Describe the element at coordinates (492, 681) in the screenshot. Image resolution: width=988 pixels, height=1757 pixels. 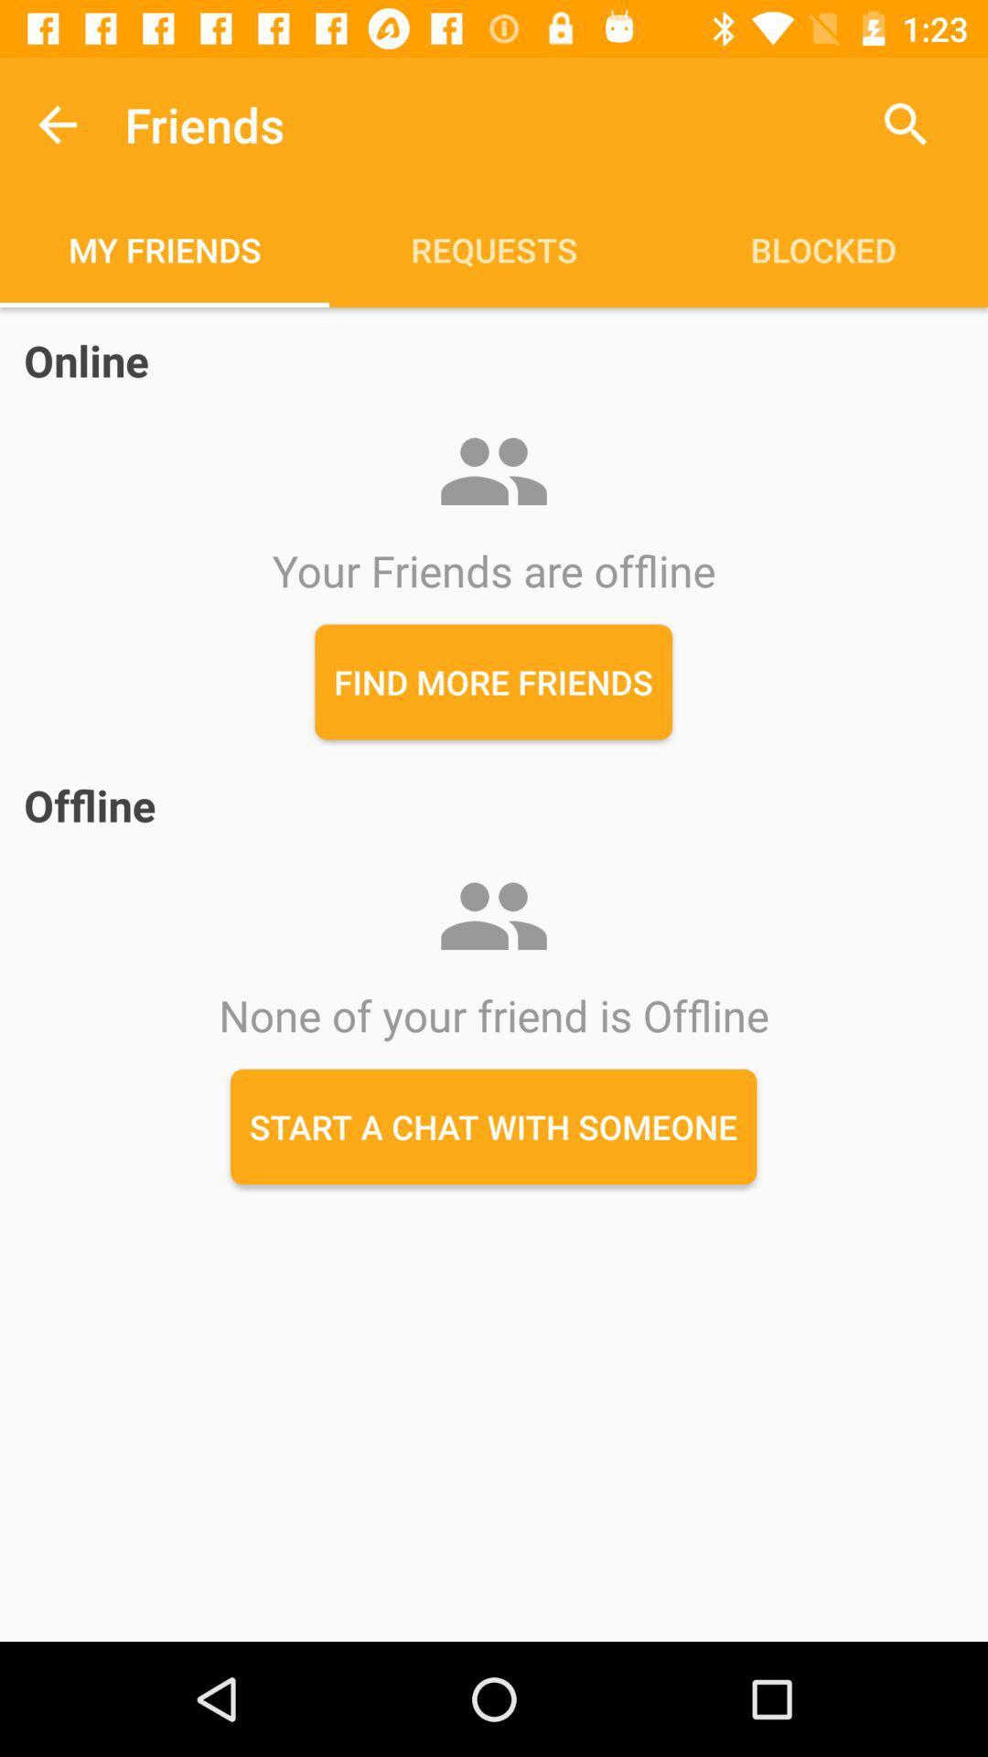
I see `the find more friends` at that location.